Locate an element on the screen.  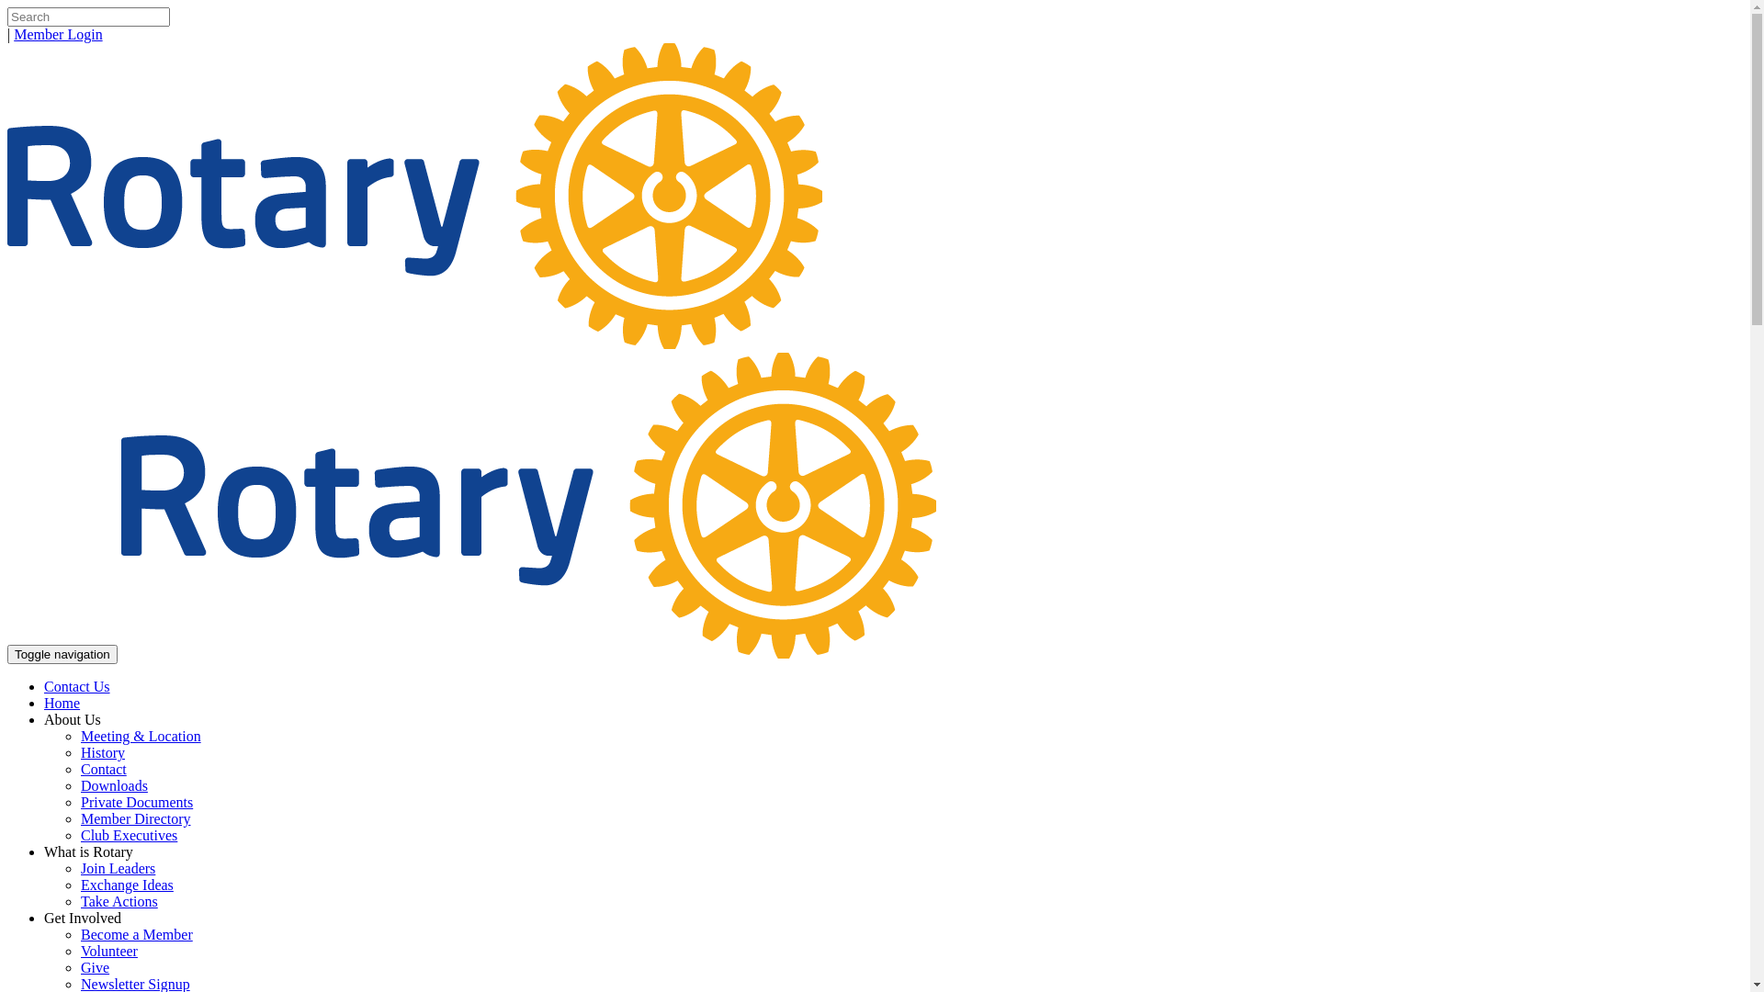
'Toggle navigation' is located at coordinates (62, 653).